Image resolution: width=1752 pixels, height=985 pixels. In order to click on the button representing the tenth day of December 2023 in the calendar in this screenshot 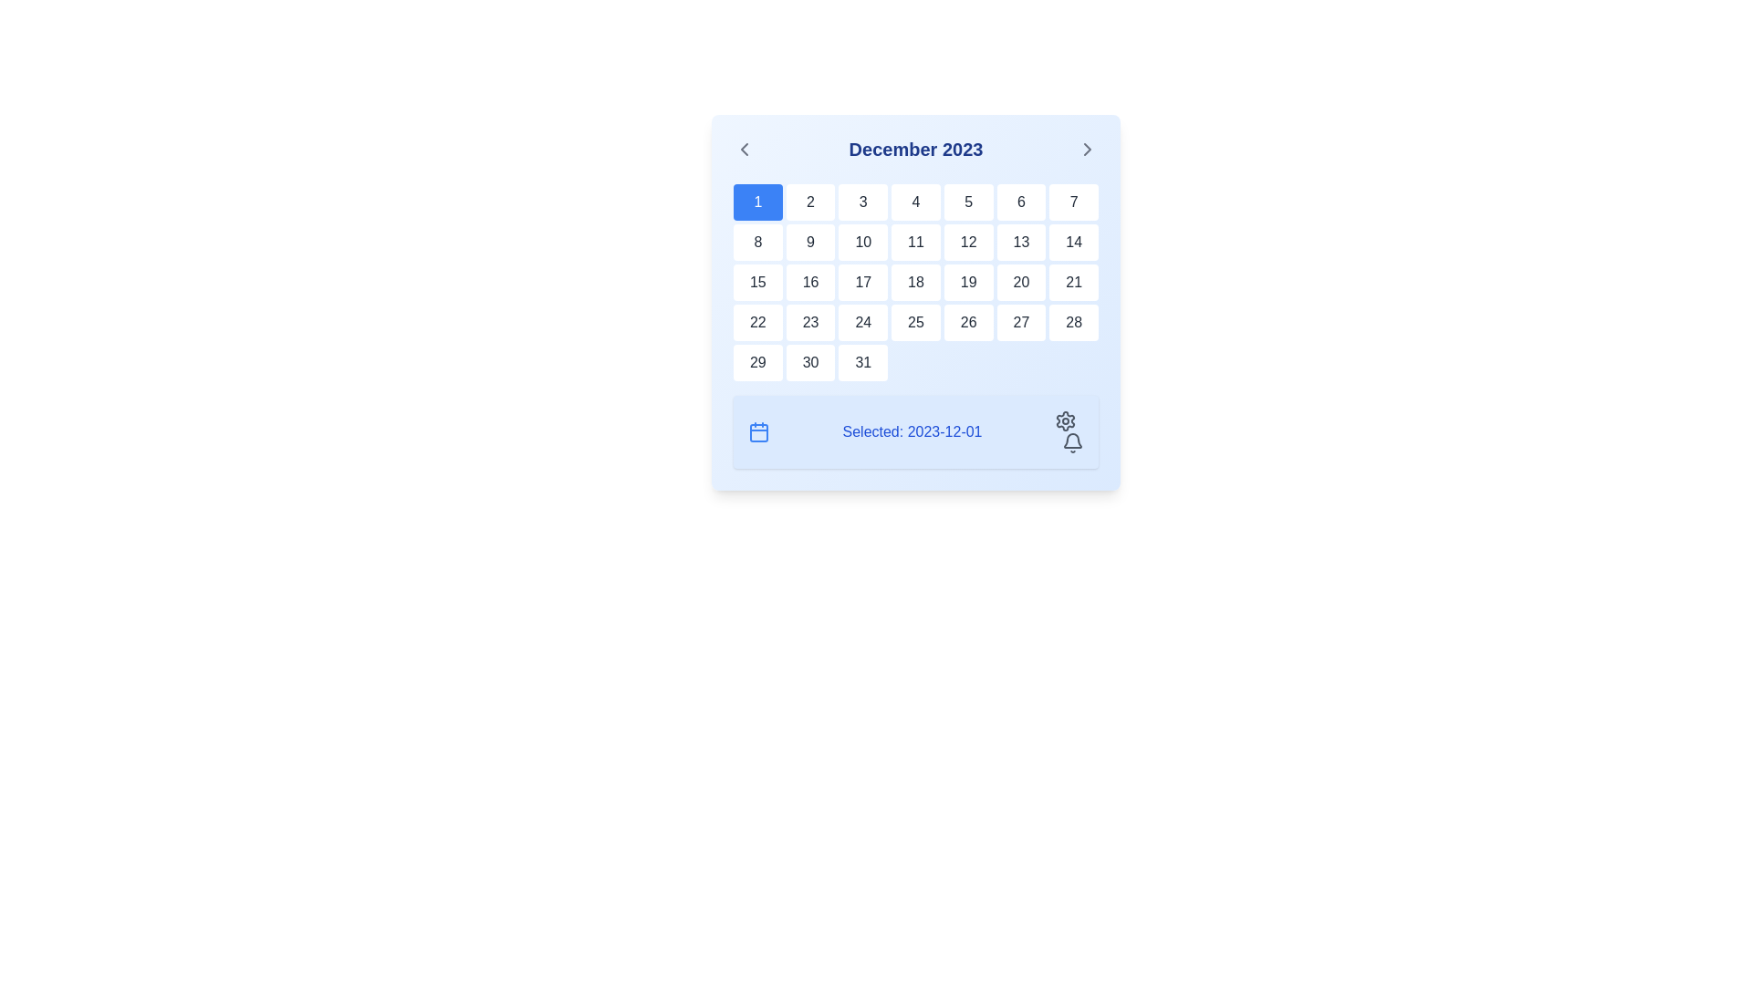, I will do `click(862, 242)`.